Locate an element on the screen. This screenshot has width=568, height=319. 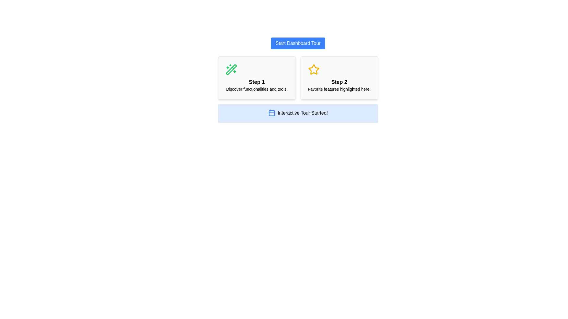
the Text Display element that shows 'Interactive Tour Started!' with a light blue background and rounded corners is located at coordinates (303, 113).